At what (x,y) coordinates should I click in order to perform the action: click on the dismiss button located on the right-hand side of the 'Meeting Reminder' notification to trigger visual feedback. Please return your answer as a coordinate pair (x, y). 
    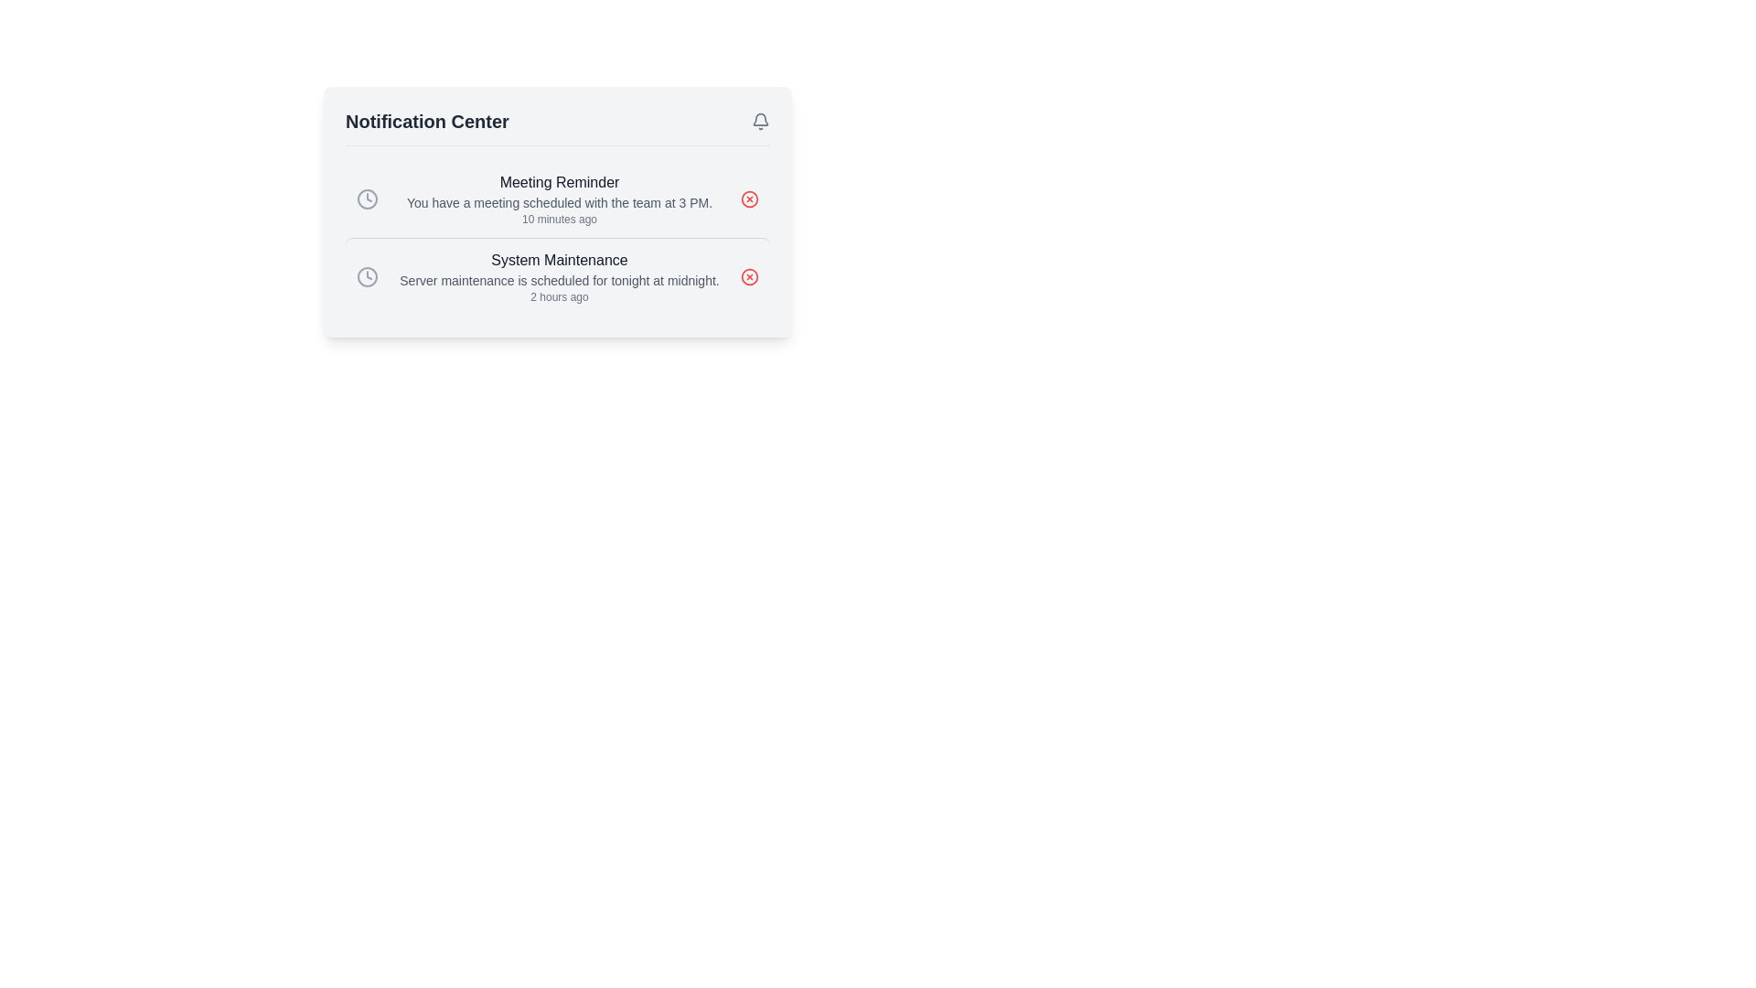
    Looking at the image, I should click on (750, 199).